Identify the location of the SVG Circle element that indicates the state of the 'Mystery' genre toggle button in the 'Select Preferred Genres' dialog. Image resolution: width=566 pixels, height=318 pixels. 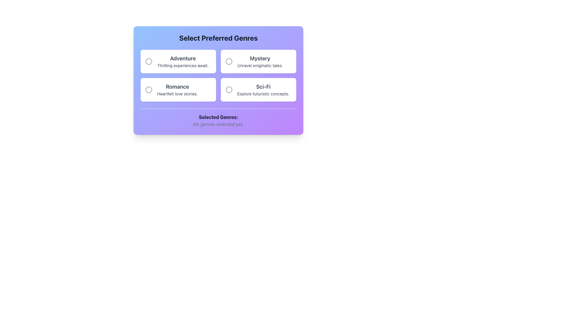
(229, 61).